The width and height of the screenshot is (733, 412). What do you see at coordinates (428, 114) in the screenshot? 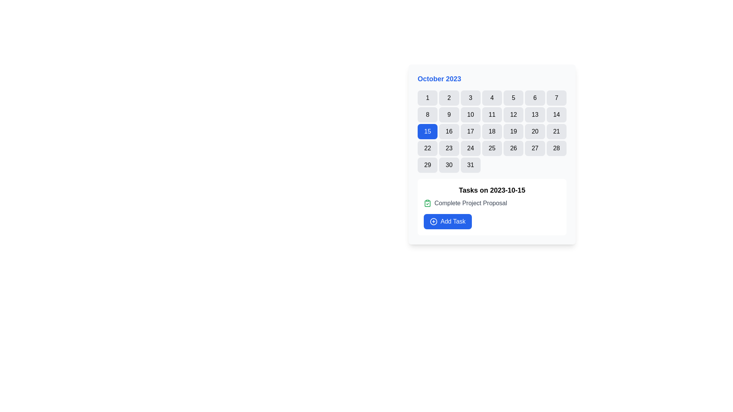
I see `the calendar day button representing the 8th day of the month` at bounding box center [428, 114].